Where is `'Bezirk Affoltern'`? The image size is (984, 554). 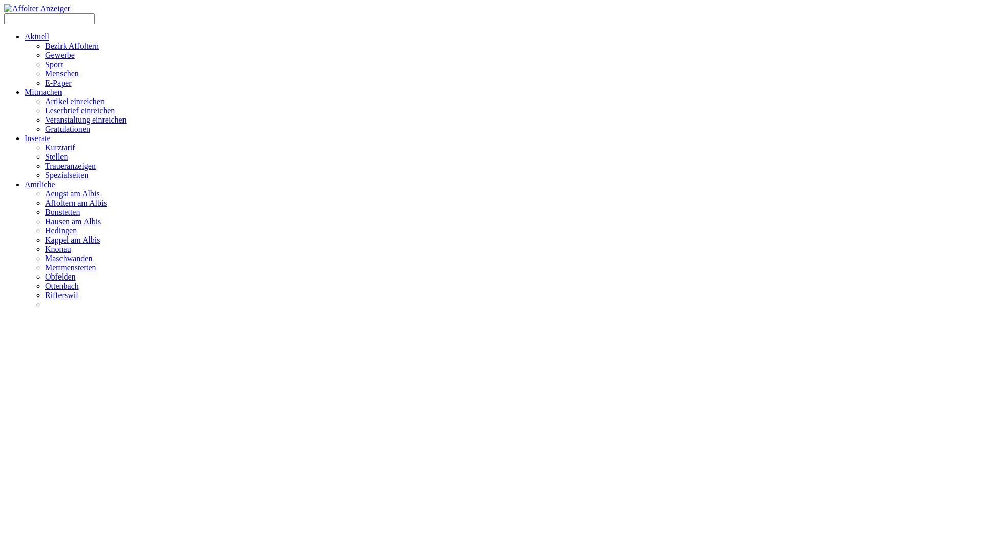
'Bezirk Affoltern' is located at coordinates (71, 45).